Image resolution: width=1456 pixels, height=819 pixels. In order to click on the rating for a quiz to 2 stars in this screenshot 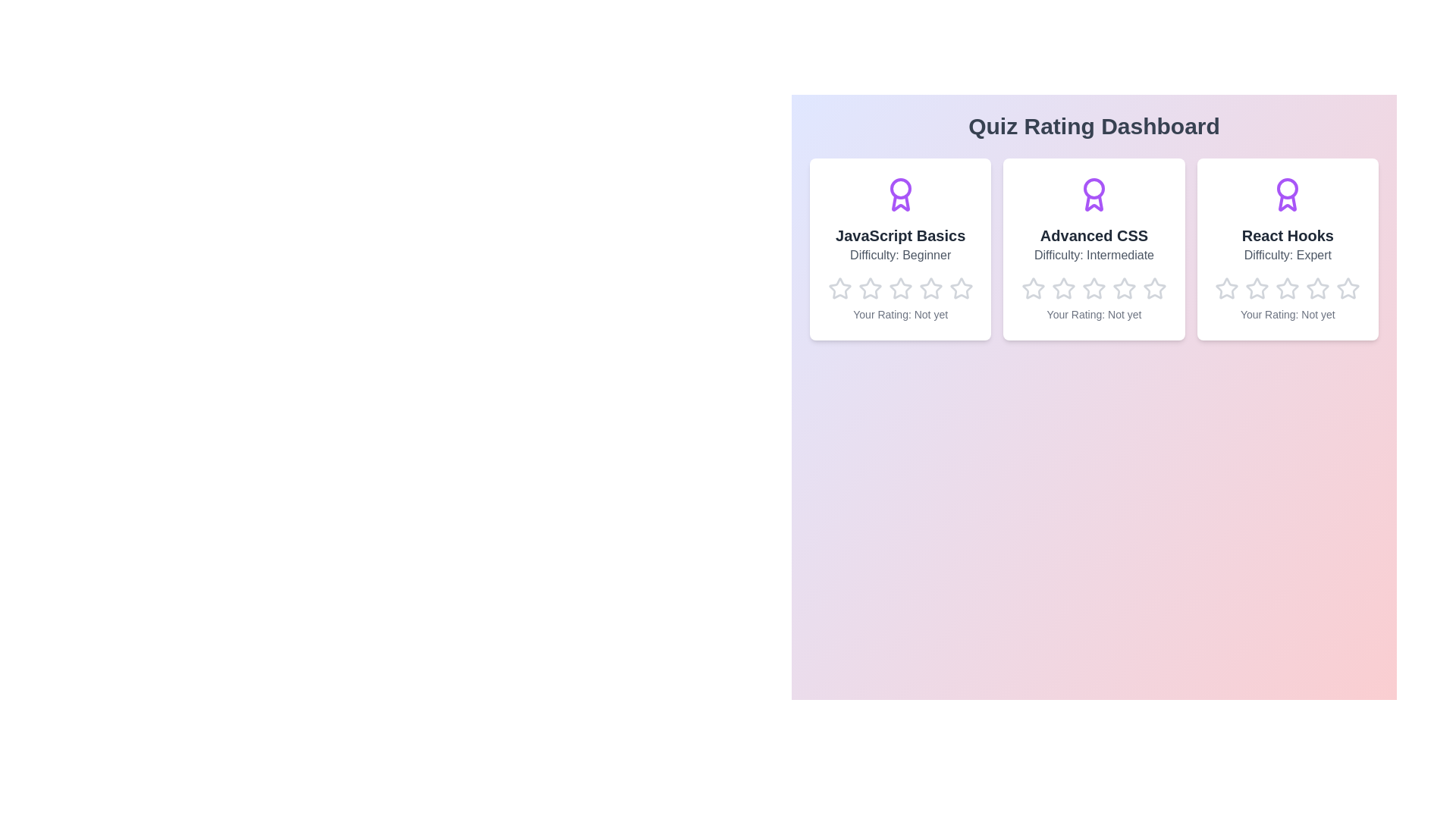, I will do `click(870, 289)`.